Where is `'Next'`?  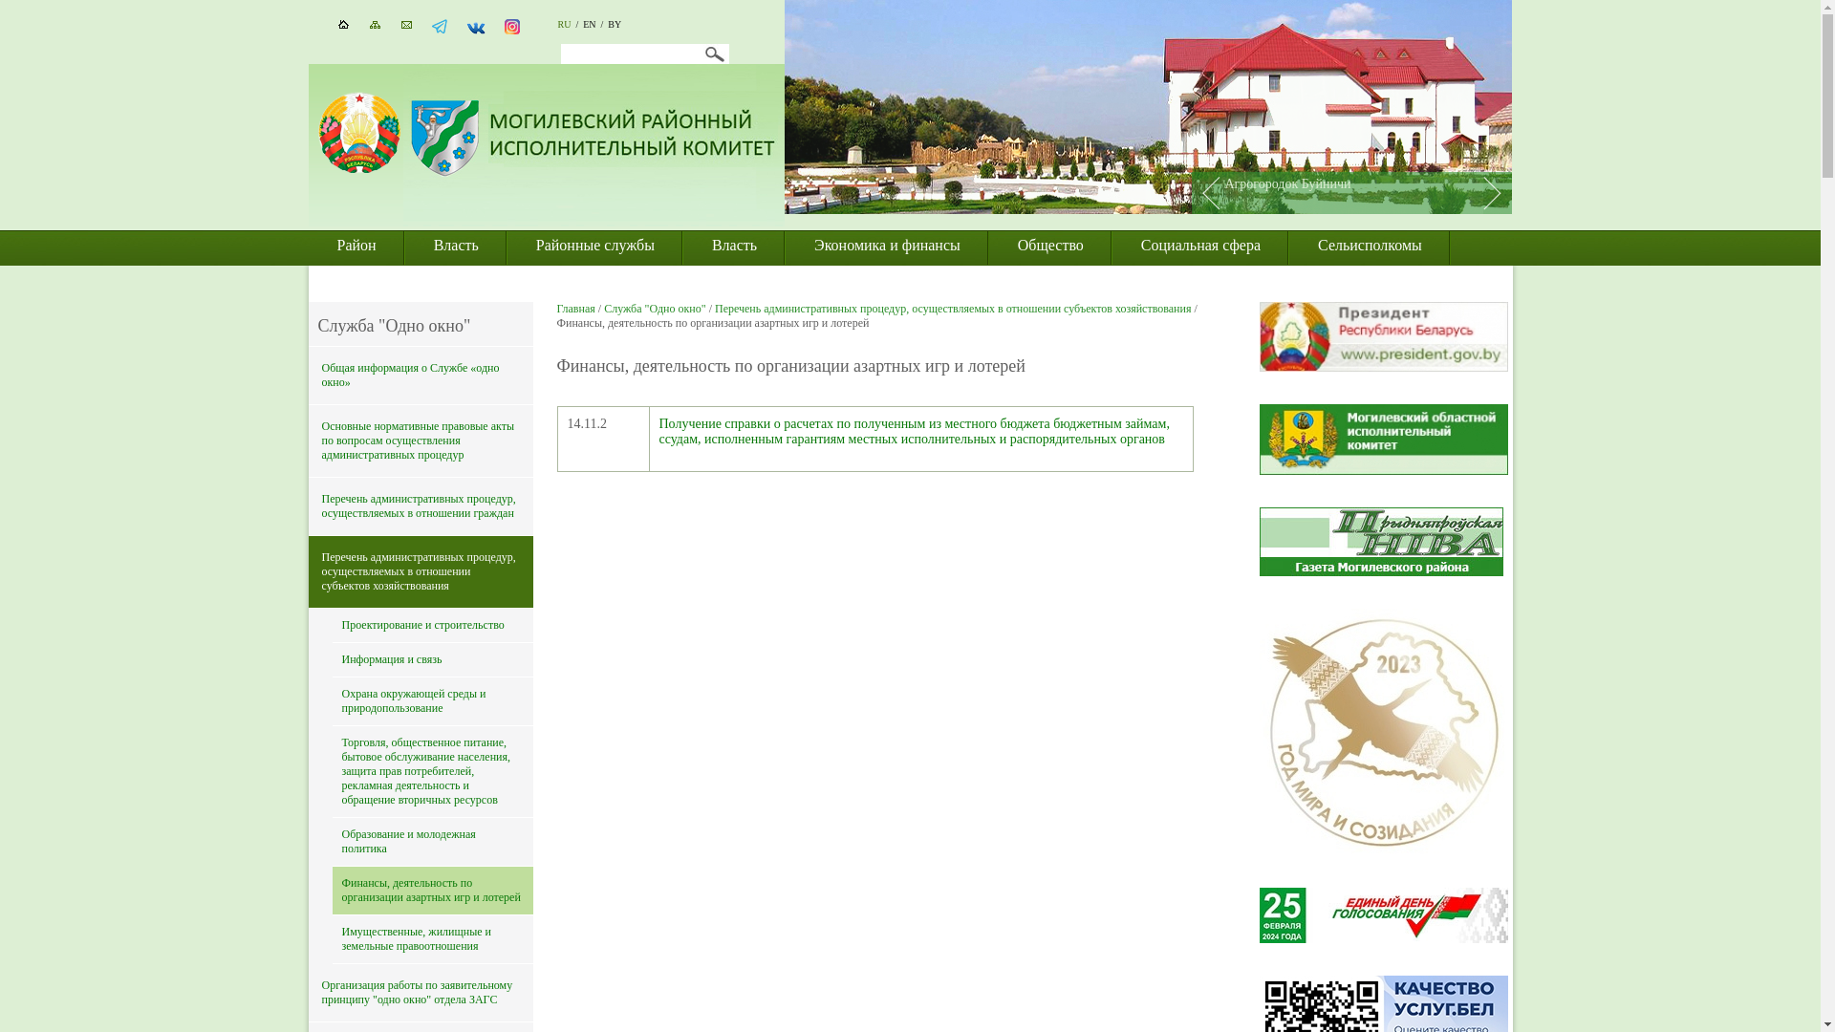
'Next' is located at coordinates (1496, 192).